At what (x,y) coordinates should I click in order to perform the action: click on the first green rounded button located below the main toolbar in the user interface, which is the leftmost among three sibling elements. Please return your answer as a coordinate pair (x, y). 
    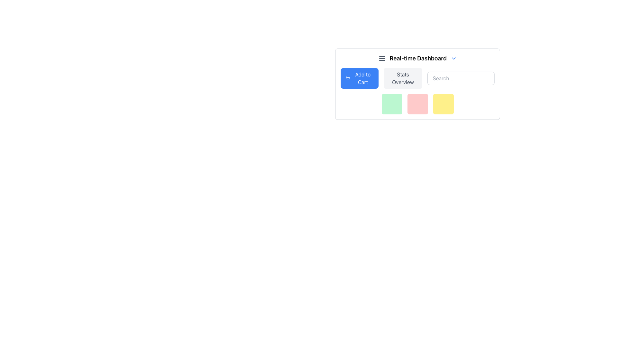
    Looking at the image, I should click on (391, 104).